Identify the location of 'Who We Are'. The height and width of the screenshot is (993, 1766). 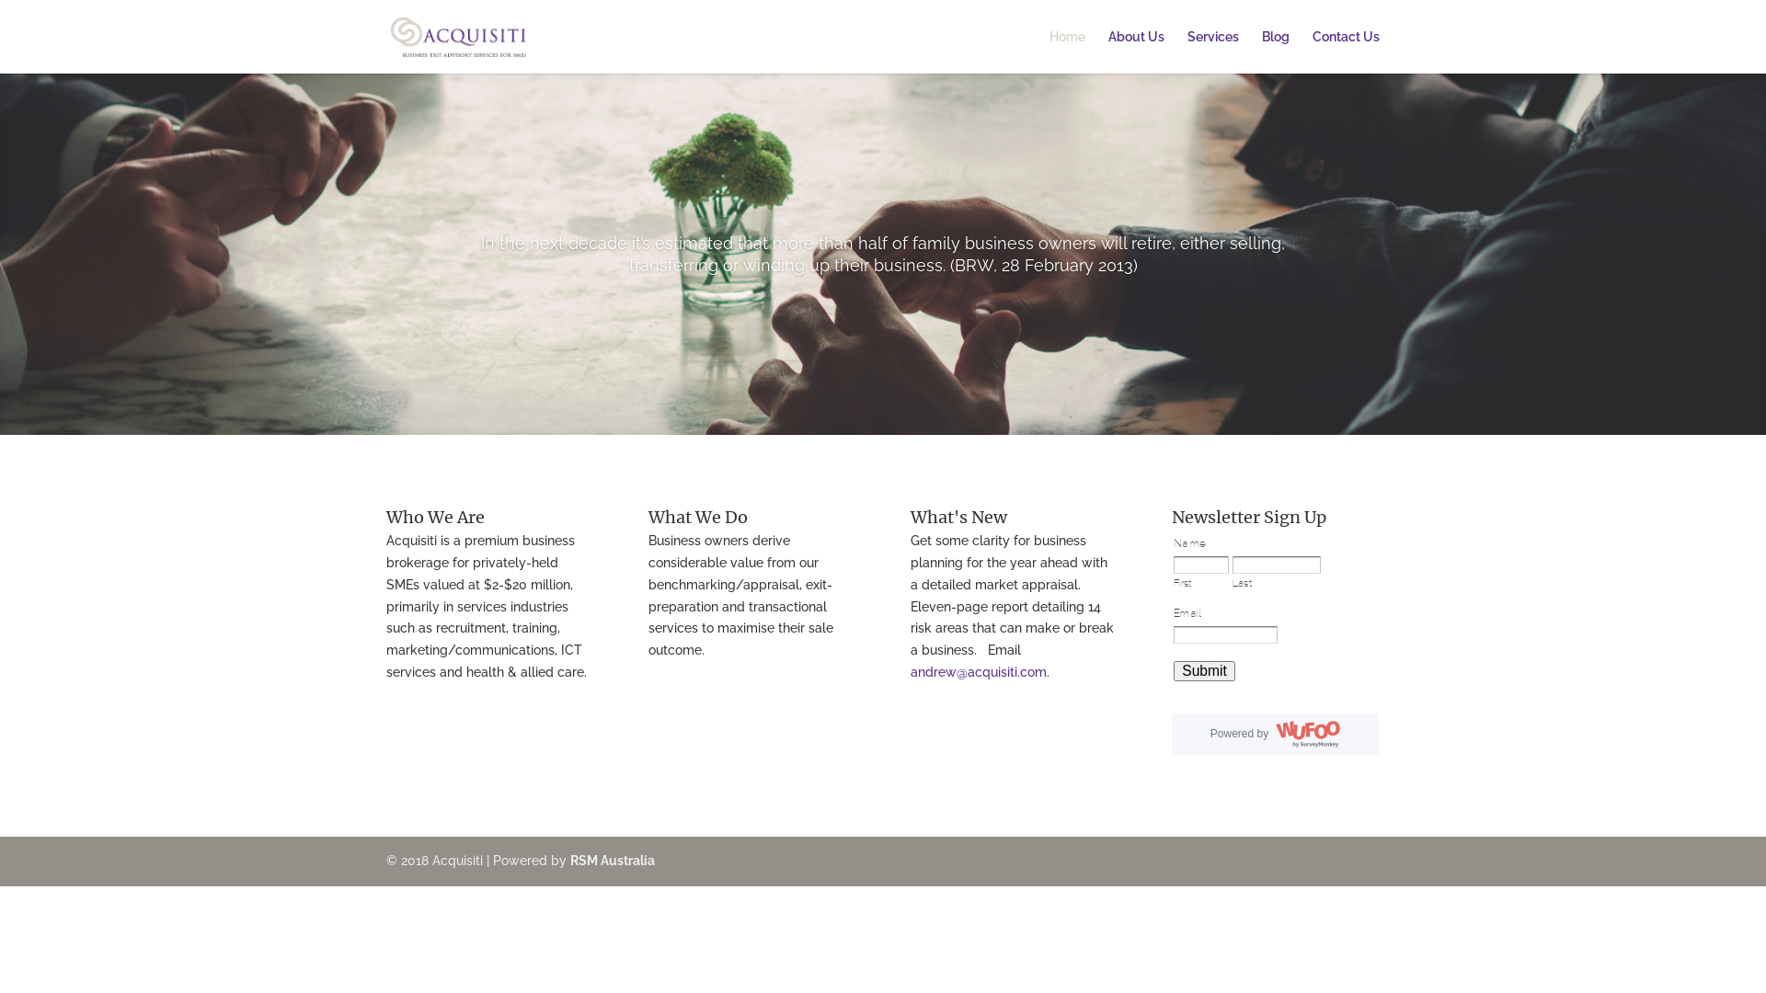
(434, 517).